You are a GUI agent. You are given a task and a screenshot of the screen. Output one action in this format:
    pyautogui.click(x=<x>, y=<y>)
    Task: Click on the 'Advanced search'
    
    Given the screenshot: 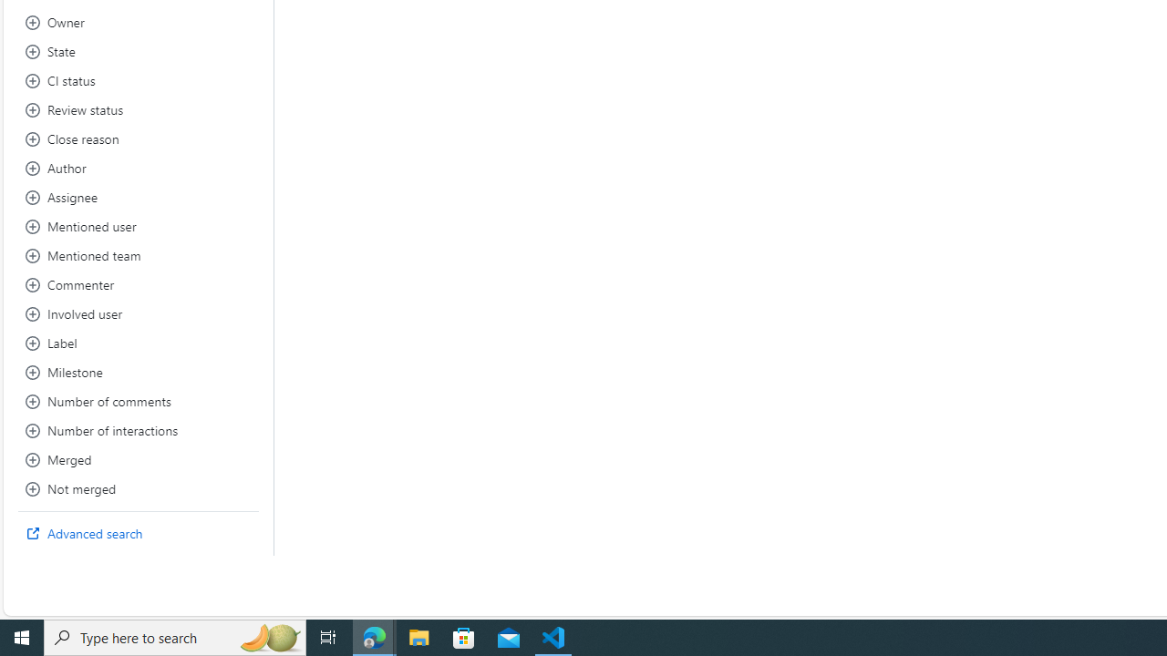 What is the action you would take?
    pyautogui.click(x=138, y=533)
    